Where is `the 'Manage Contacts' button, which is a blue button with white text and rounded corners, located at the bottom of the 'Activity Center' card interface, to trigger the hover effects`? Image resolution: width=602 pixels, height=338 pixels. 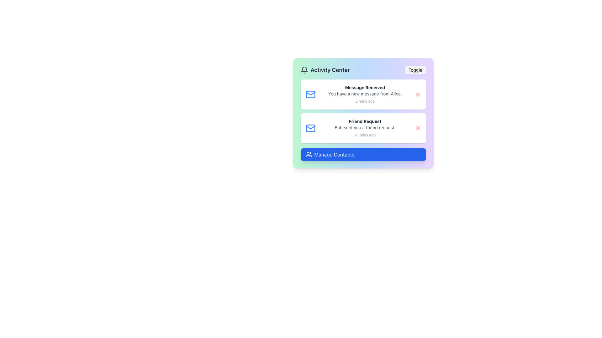
the 'Manage Contacts' button, which is a blue button with white text and rounded corners, located at the bottom of the 'Activity Center' card interface, to trigger the hover effects is located at coordinates (334, 154).